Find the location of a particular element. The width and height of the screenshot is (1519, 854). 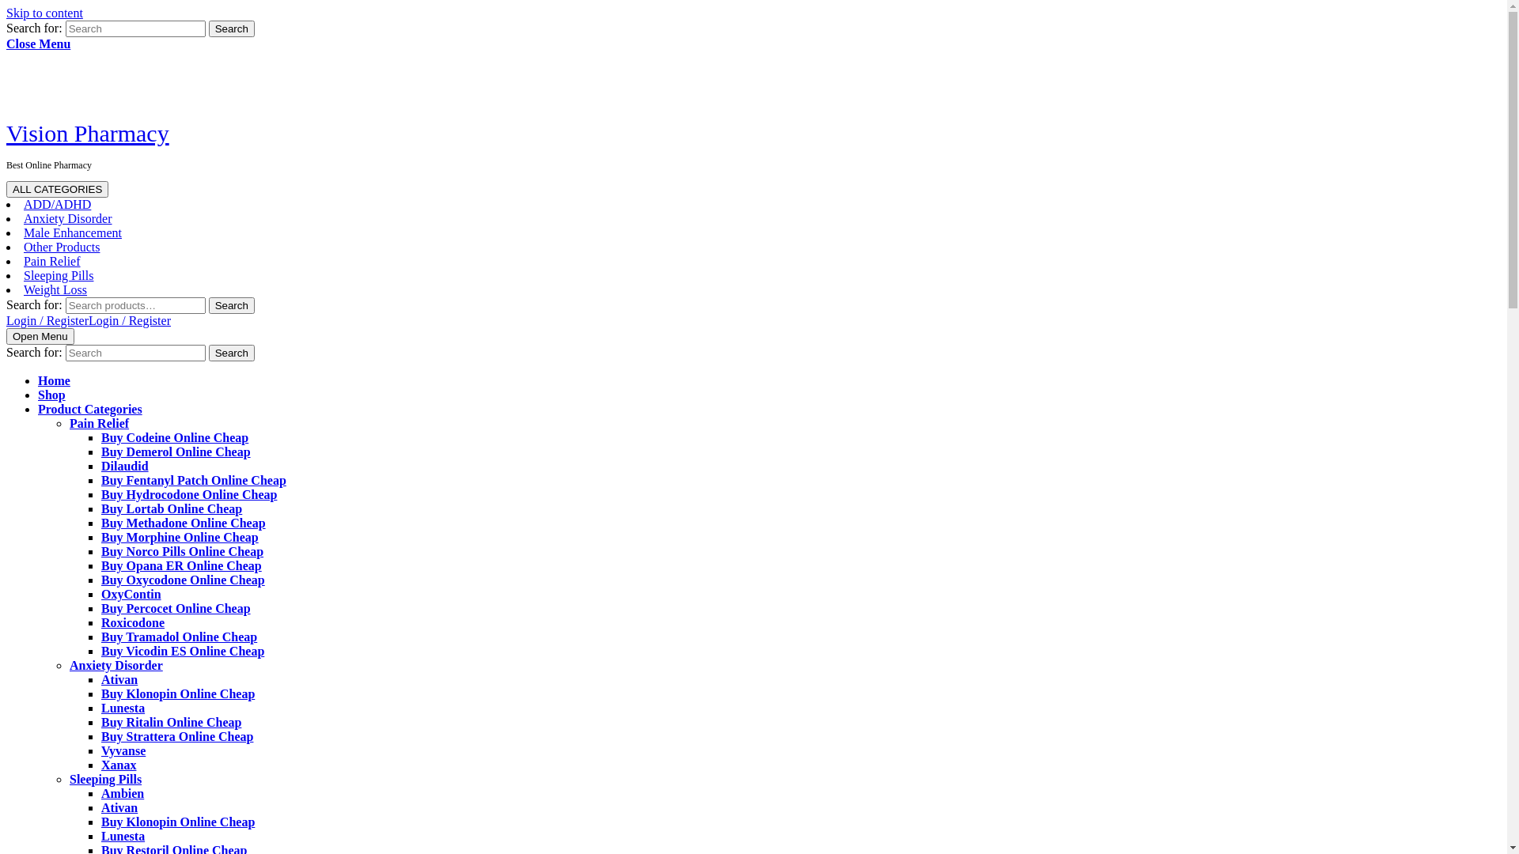

'Buy Lortab Online Cheap' is located at coordinates (171, 508).